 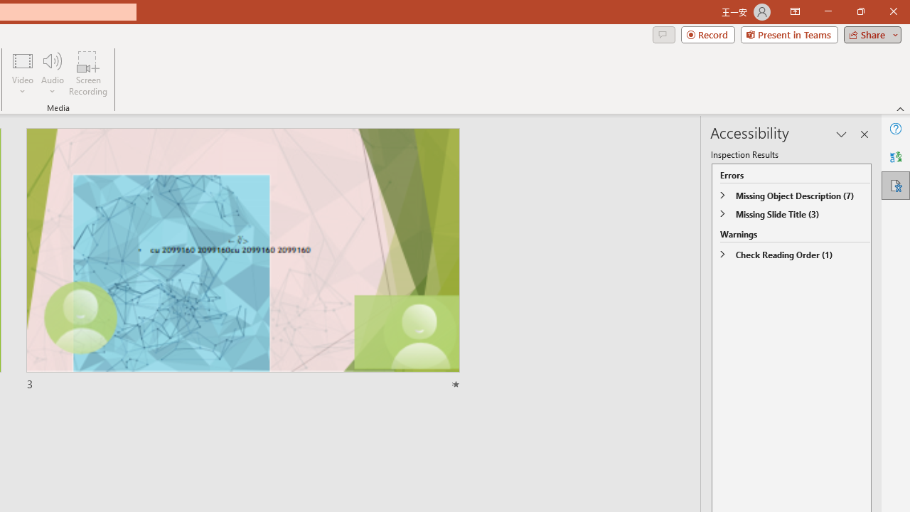 I want to click on 'Video', so click(x=23, y=73).